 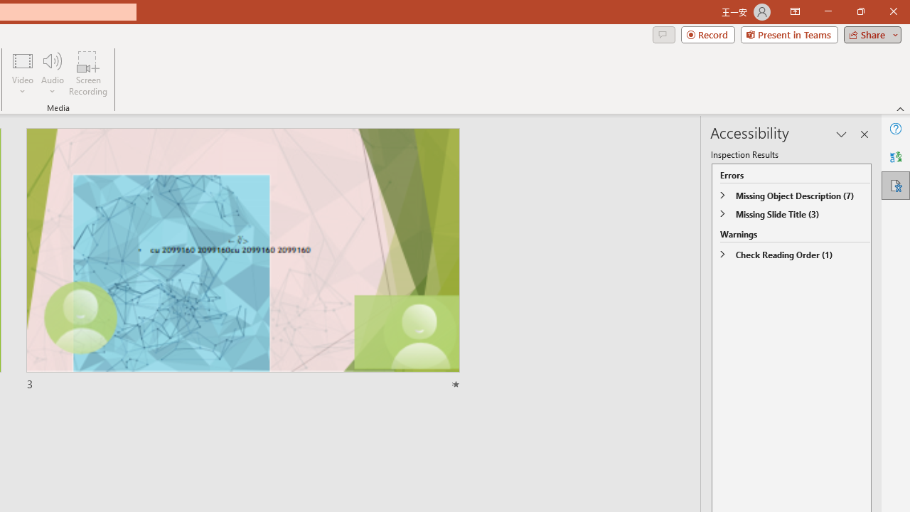 I want to click on 'Video', so click(x=23, y=73).